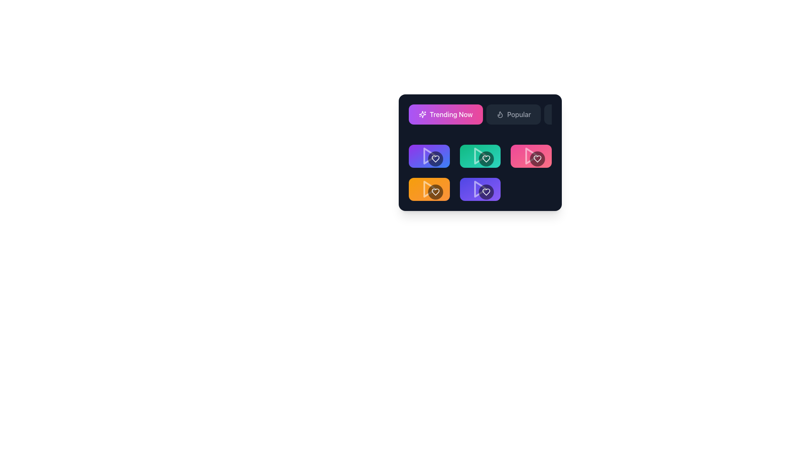 The image size is (805, 453). Describe the element at coordinates (480, 161) in the screenshot. I see `the composite UI component with a bold green background and icons for actions` at that location.